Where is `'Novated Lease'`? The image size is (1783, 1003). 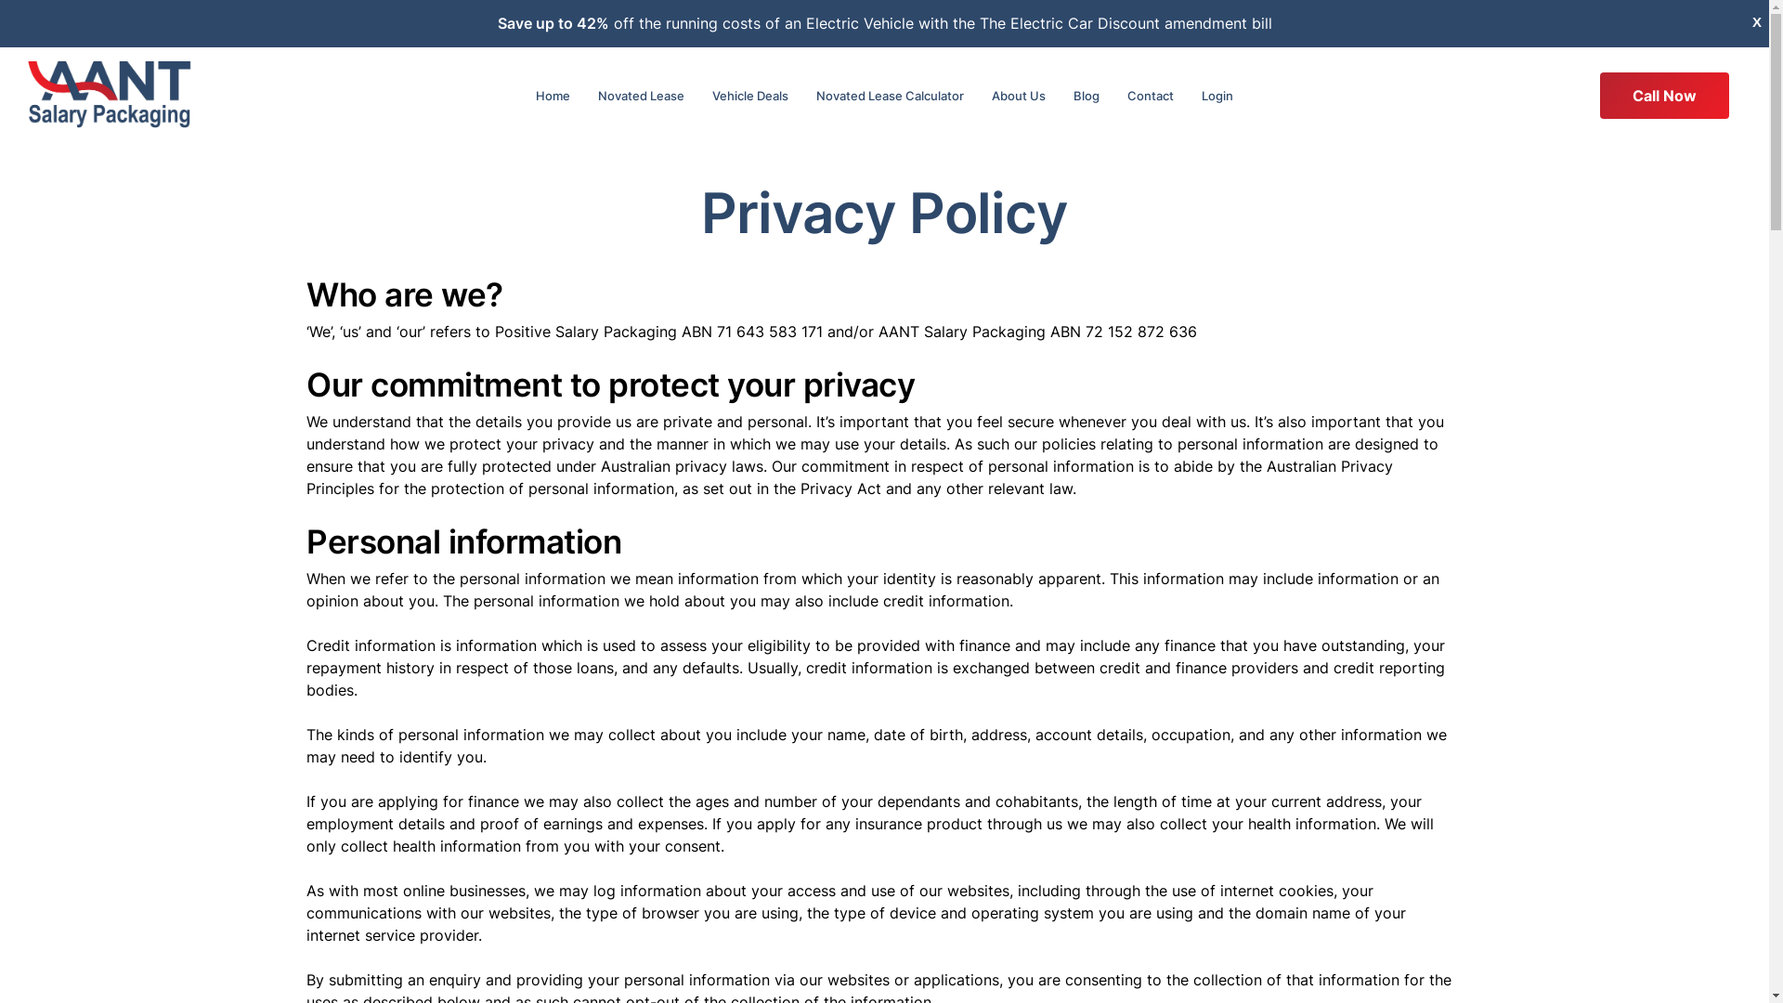
'Novated Lease' is located at coordinates (582, 96).